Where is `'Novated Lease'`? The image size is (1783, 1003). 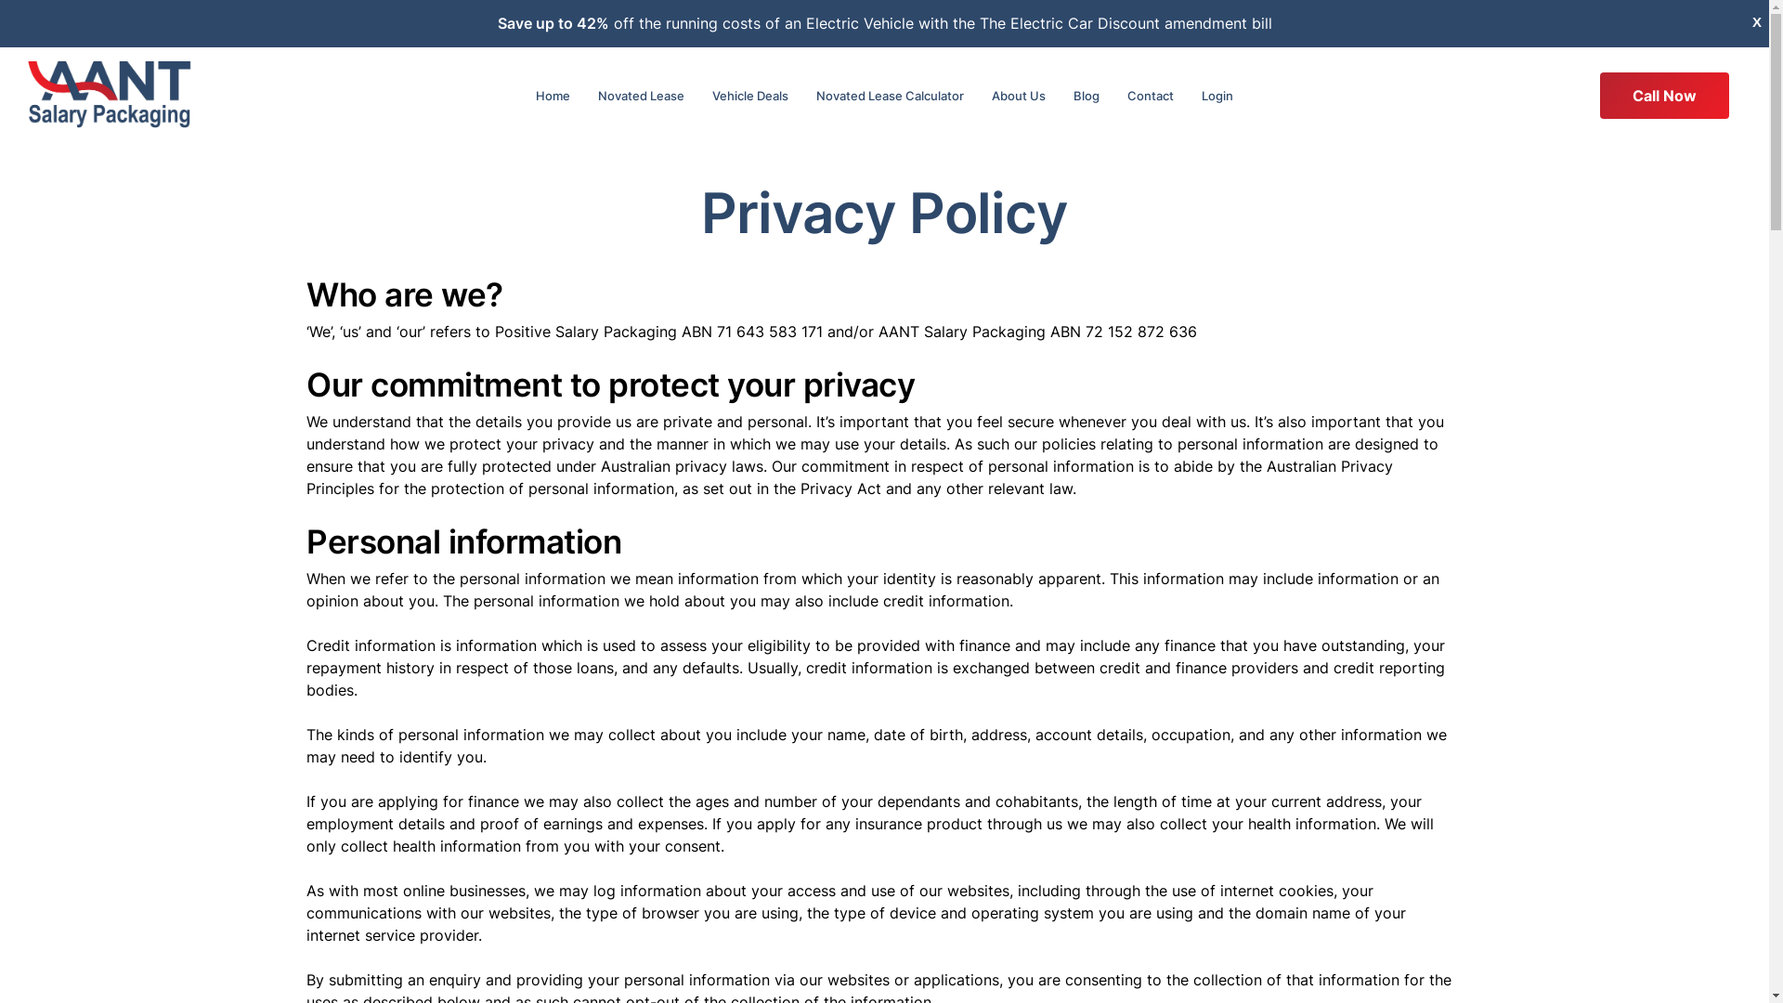
'Novated Lease' is located at coordinates (582, 96).